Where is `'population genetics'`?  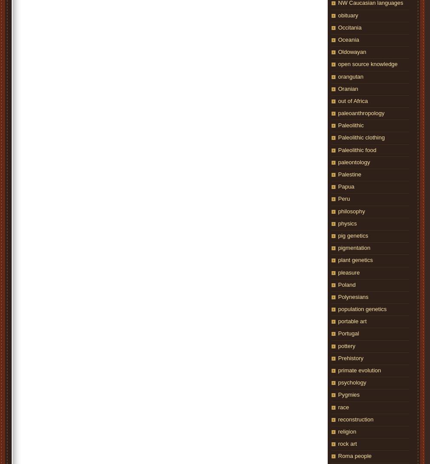
'population genetics' is located at coordinates (362, 309).